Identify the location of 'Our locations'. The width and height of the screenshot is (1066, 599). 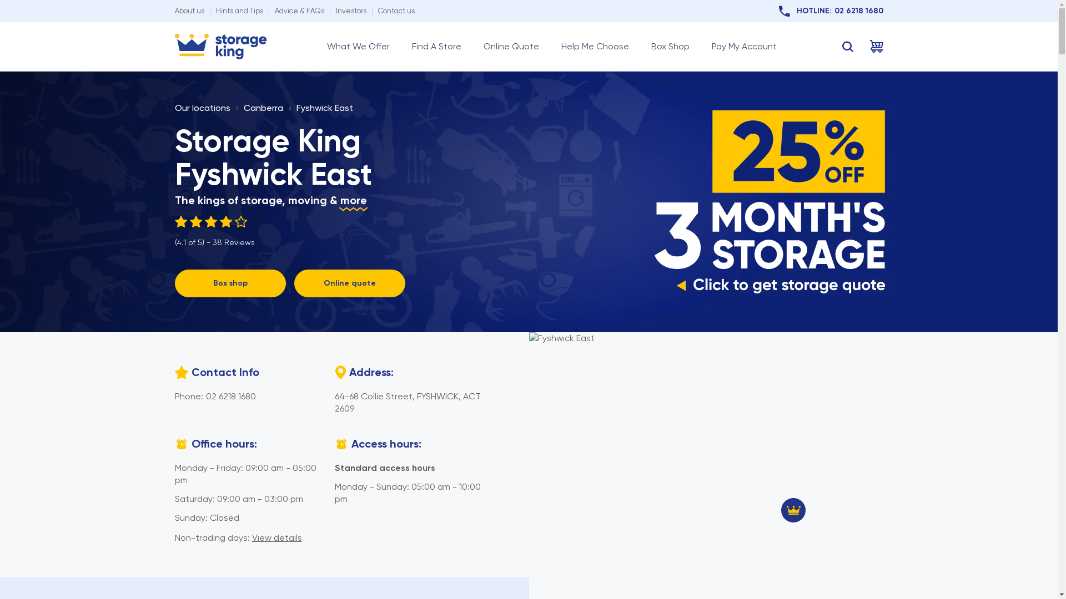
(202, 108).